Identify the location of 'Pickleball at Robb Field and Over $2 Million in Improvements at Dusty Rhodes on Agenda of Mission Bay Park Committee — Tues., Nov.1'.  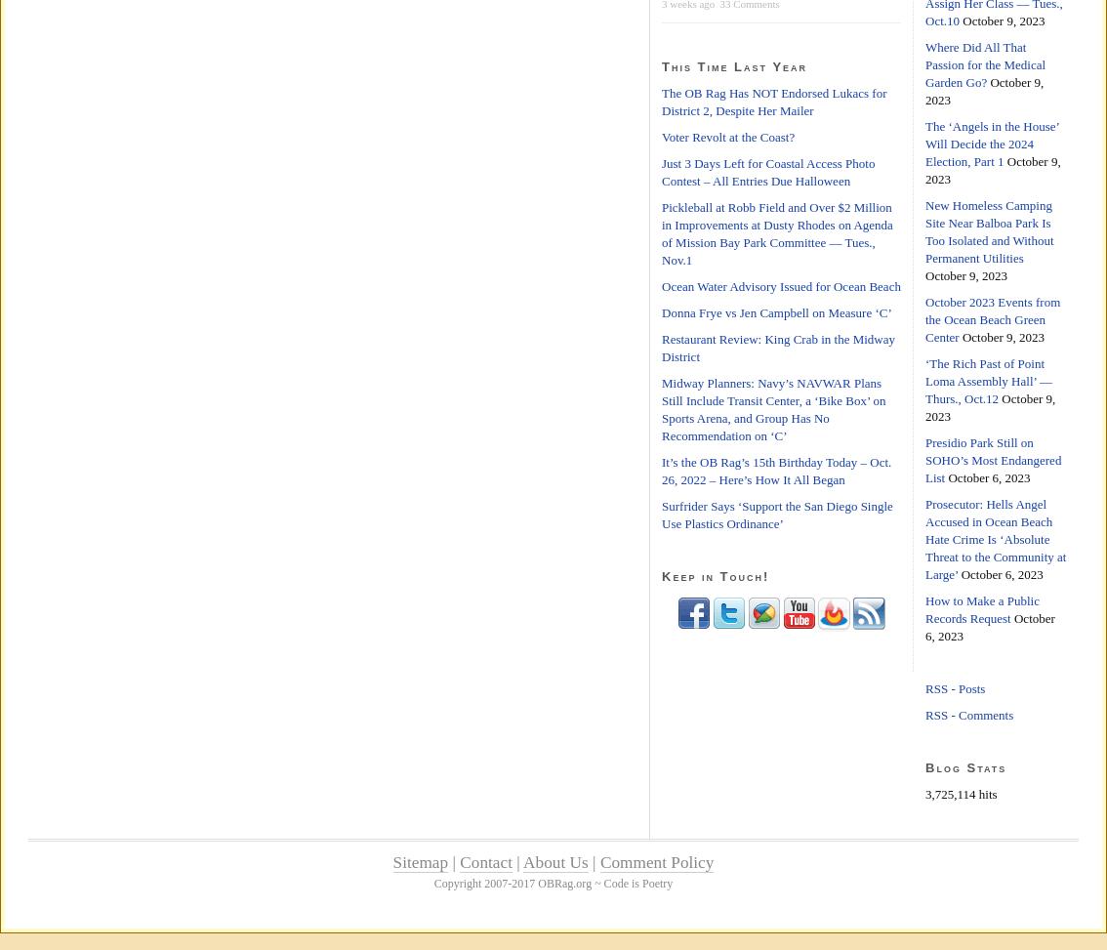
(776, 232).